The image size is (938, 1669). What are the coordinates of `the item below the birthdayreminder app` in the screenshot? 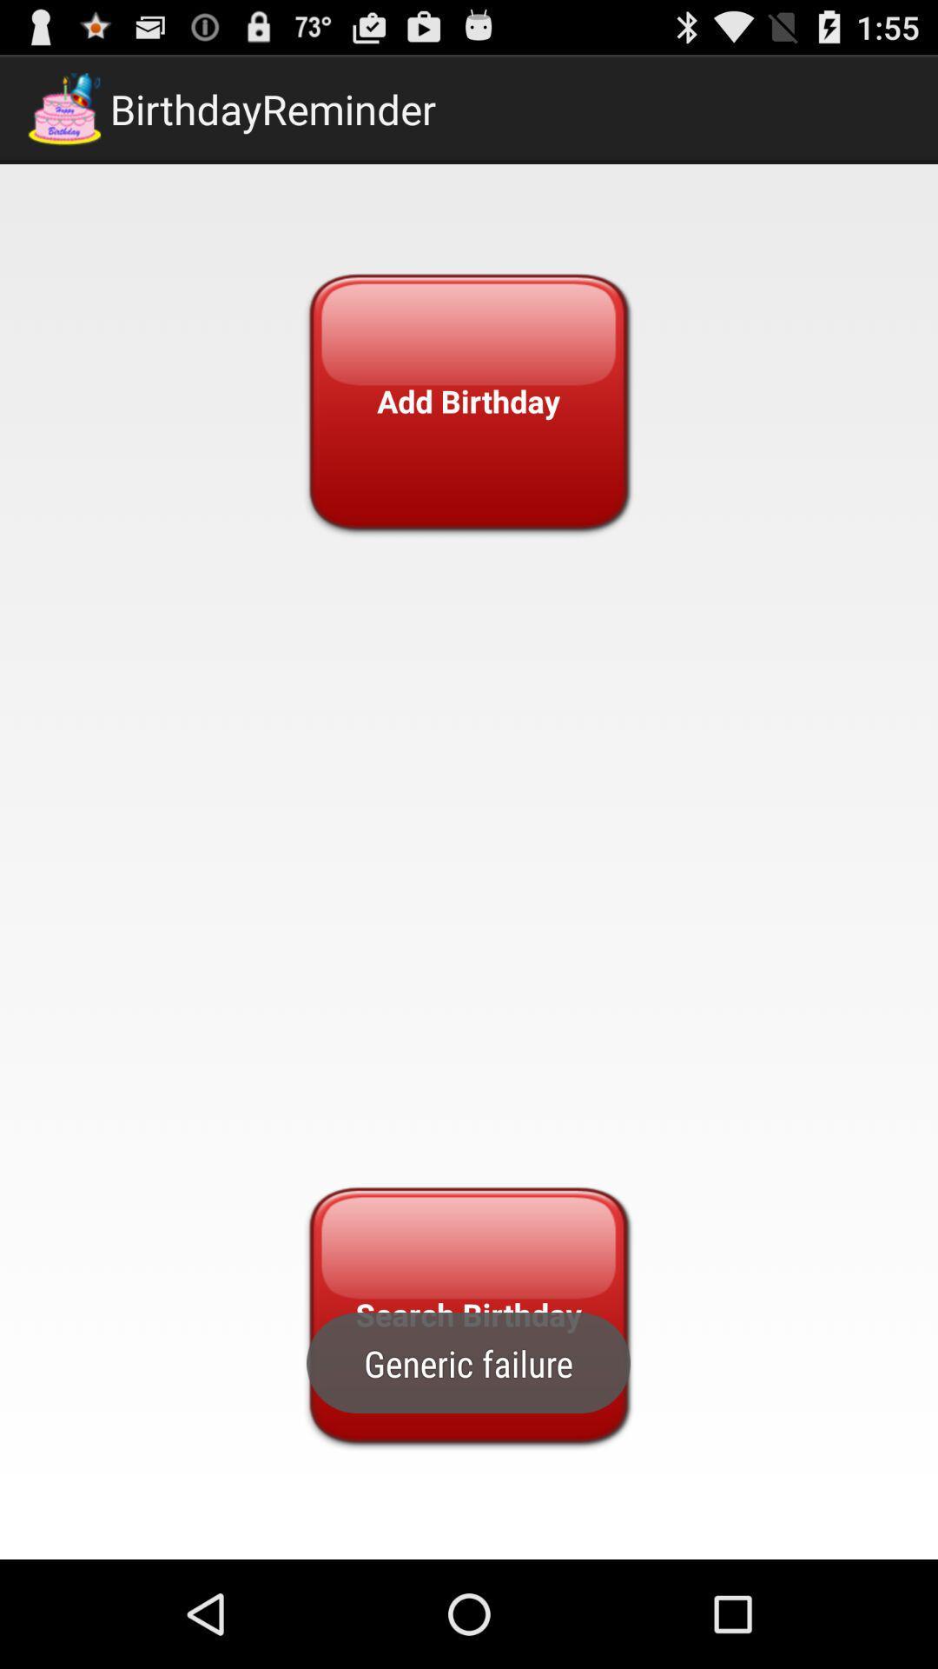 It's located at (467, 400).